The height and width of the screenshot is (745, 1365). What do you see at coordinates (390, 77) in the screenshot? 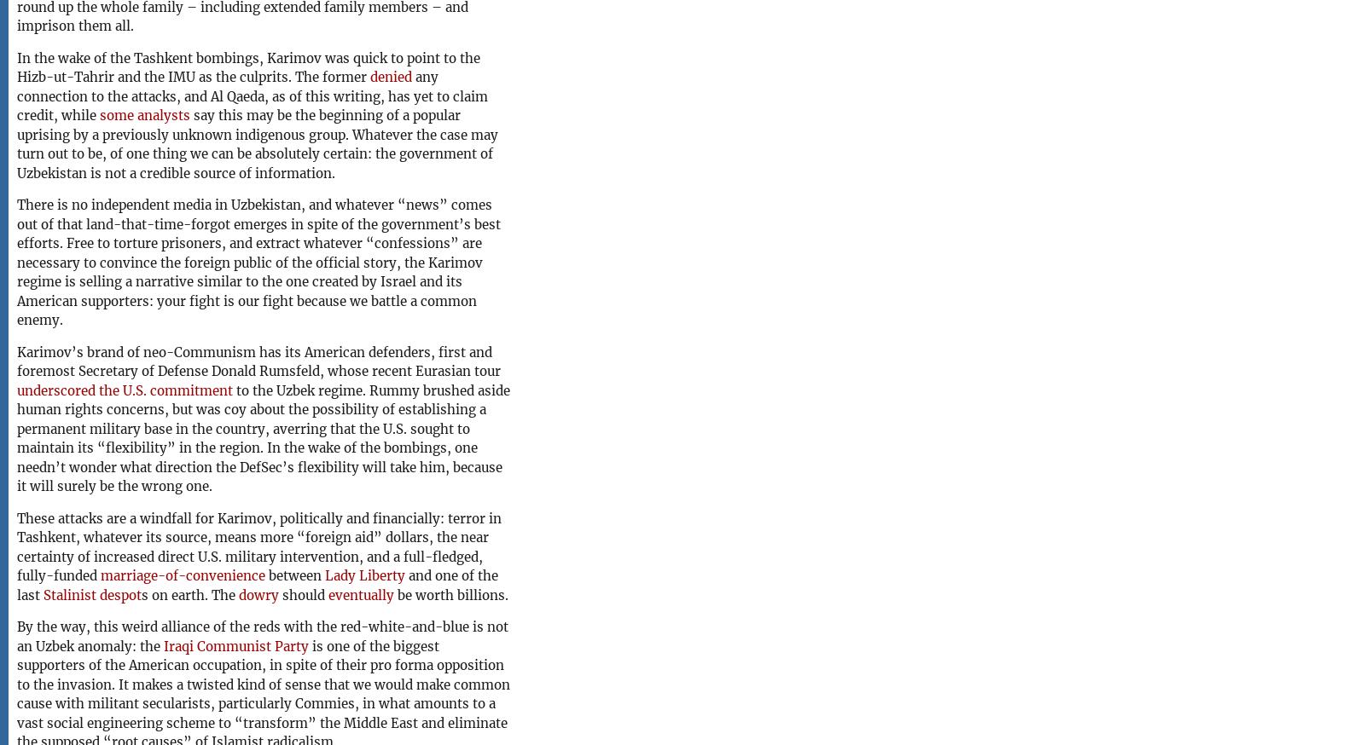
I see `'denied'` at bounding box center [390, 77].